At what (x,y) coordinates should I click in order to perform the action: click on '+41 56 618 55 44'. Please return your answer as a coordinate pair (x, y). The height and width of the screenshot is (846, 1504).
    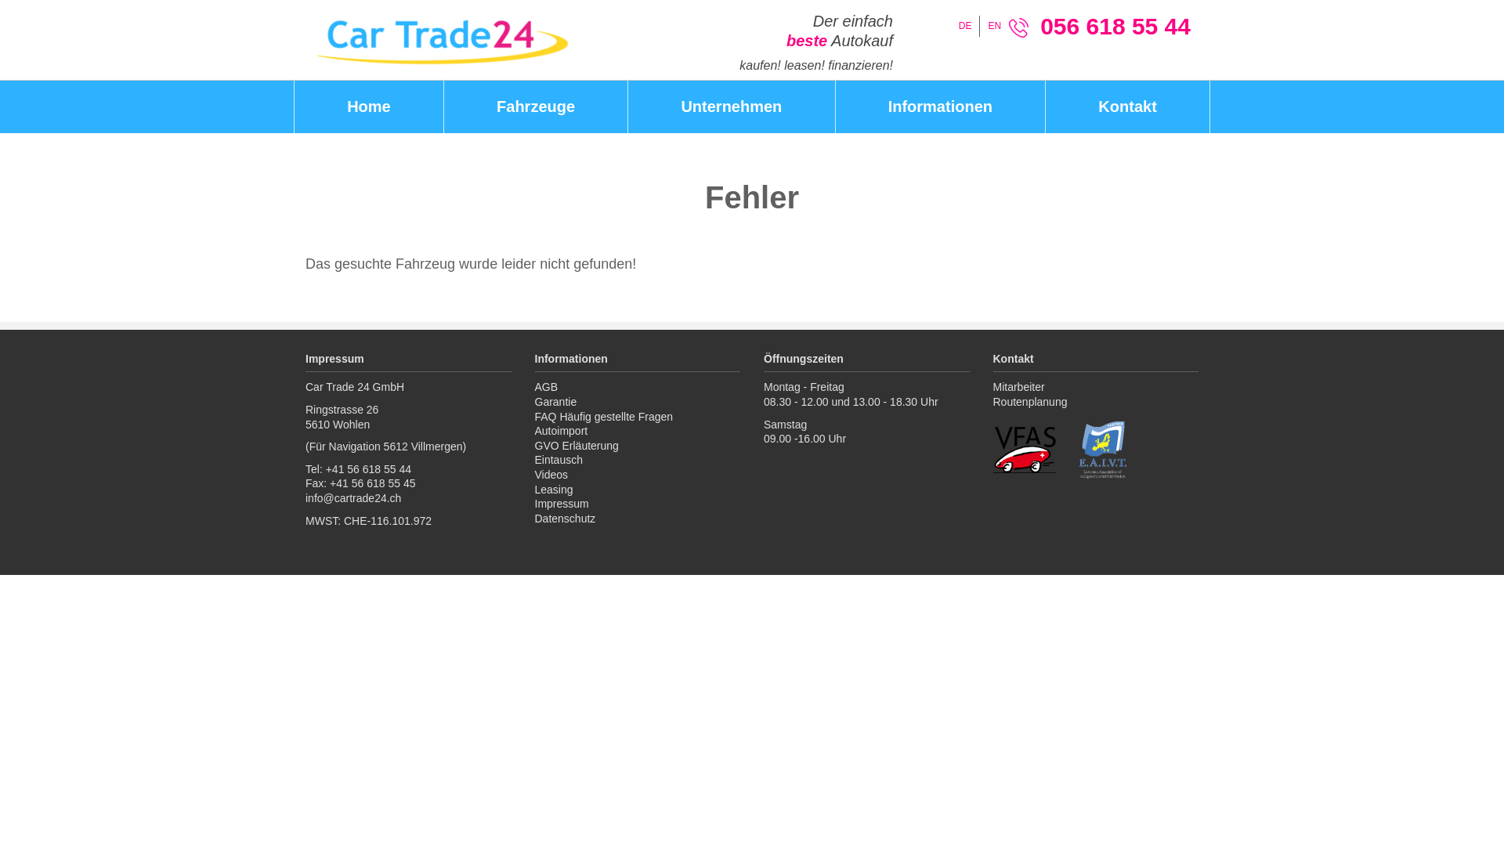
    Looking at the image, I should click on (367, 468).